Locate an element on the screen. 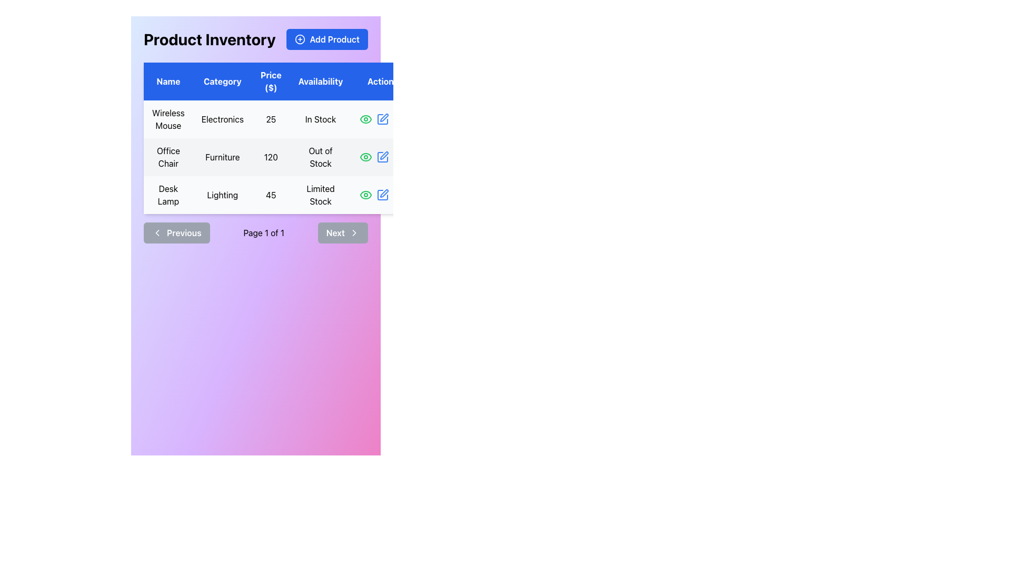 This screenshot has height=568, width=1011. the circular plus icon within the 'Add Product' button located at the top-right corner of the interface is located at coordinates (300, 38).